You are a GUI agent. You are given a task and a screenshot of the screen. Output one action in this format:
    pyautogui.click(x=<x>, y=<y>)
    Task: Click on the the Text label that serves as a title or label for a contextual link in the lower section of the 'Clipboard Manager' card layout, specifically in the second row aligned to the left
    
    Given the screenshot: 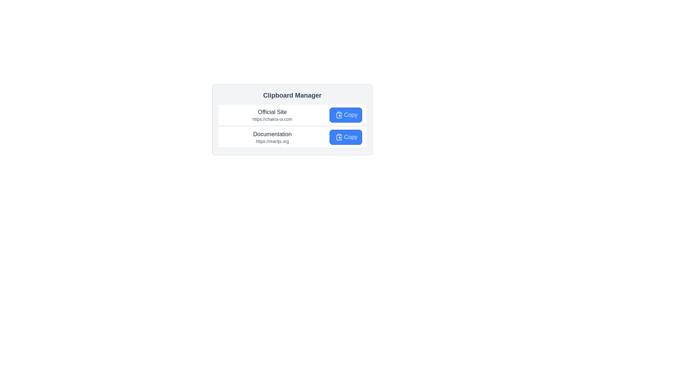 What is the action you would take?
    pyautogui.click(x=272, y=134)
    